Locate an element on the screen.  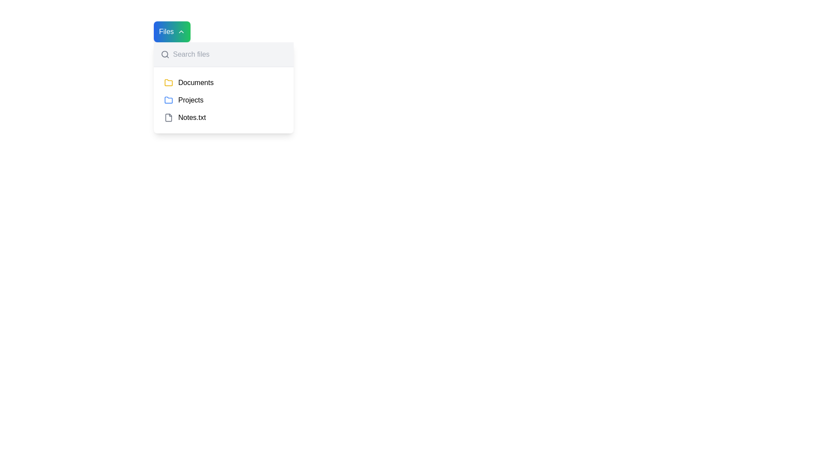
the Search Bar located at the top of the dropdown menu interface to focus on it for input is located at coordinates (224, 54).